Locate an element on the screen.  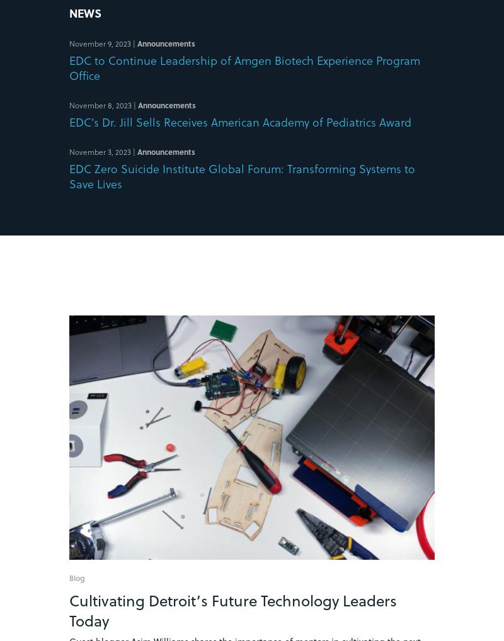
'November 3, 2023' is located at coordinates (69, 153).